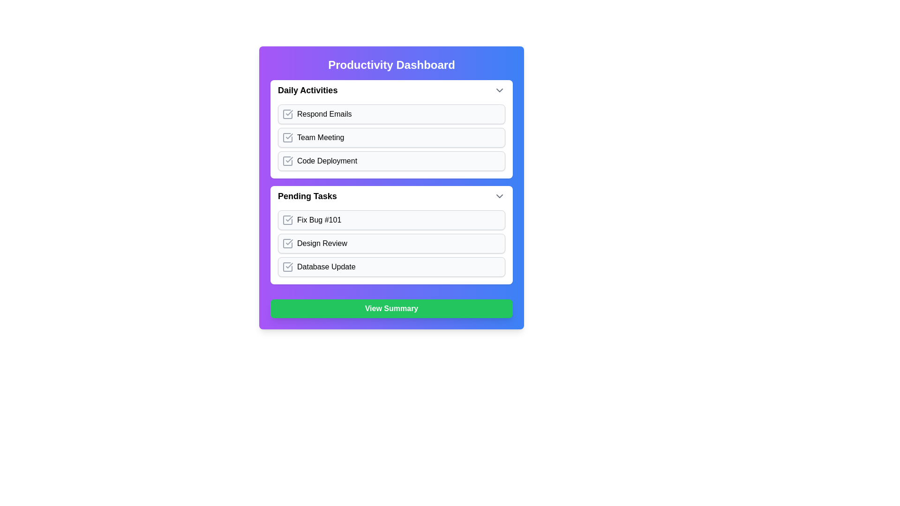 The height and width of the screenshot is (506, 900). What do you see at coordinates (287, 160) in the screenshot?
I see `the completion status icon representing the 'Code Deployment' item` at bounding box center [287, 160].